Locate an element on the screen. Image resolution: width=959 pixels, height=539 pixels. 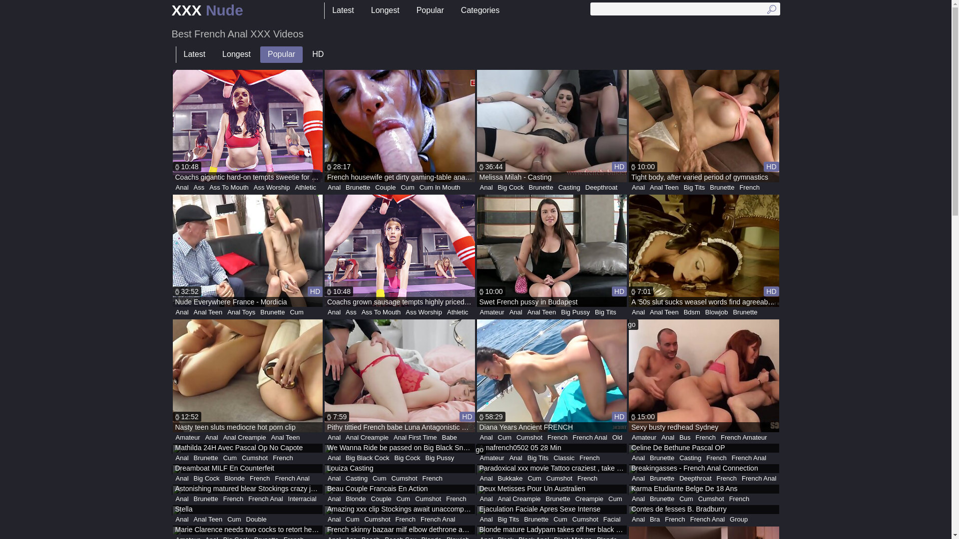
'French Amateur' is located at coordinates (718, 437).